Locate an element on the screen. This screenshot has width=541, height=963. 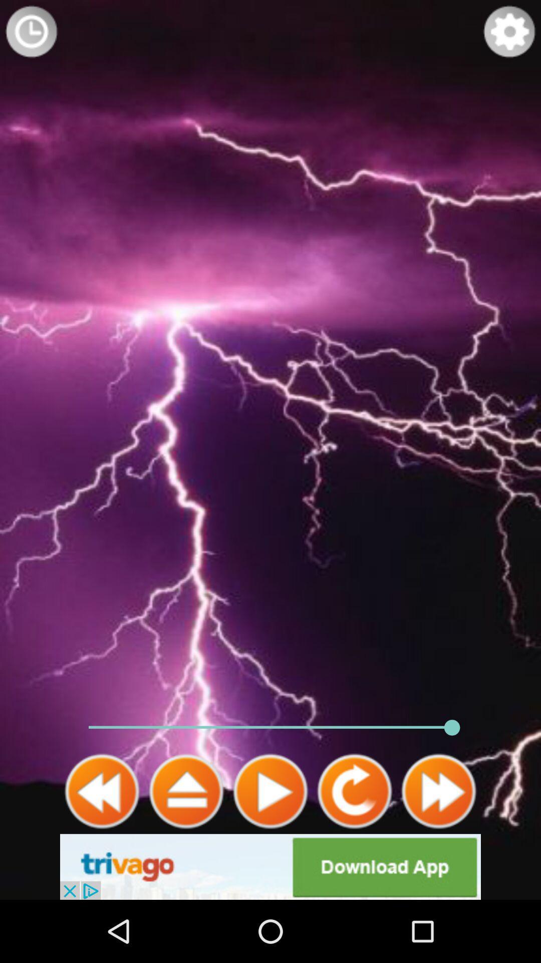
refresh option is located at coordinates (354, 791).